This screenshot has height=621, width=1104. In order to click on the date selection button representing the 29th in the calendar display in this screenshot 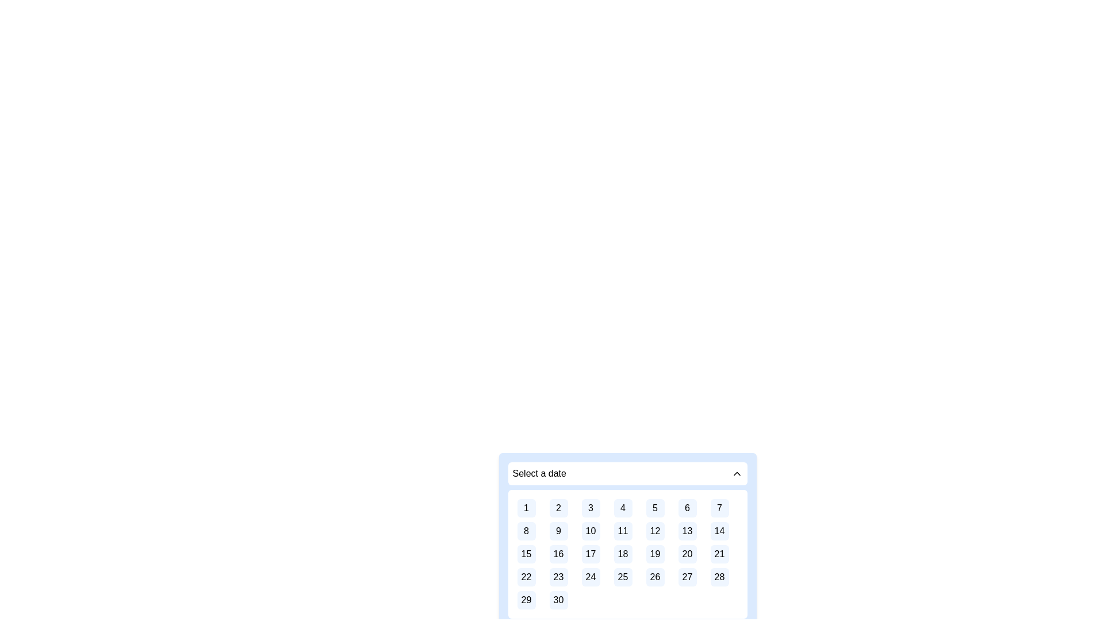, I will do `click(526, 600)`.